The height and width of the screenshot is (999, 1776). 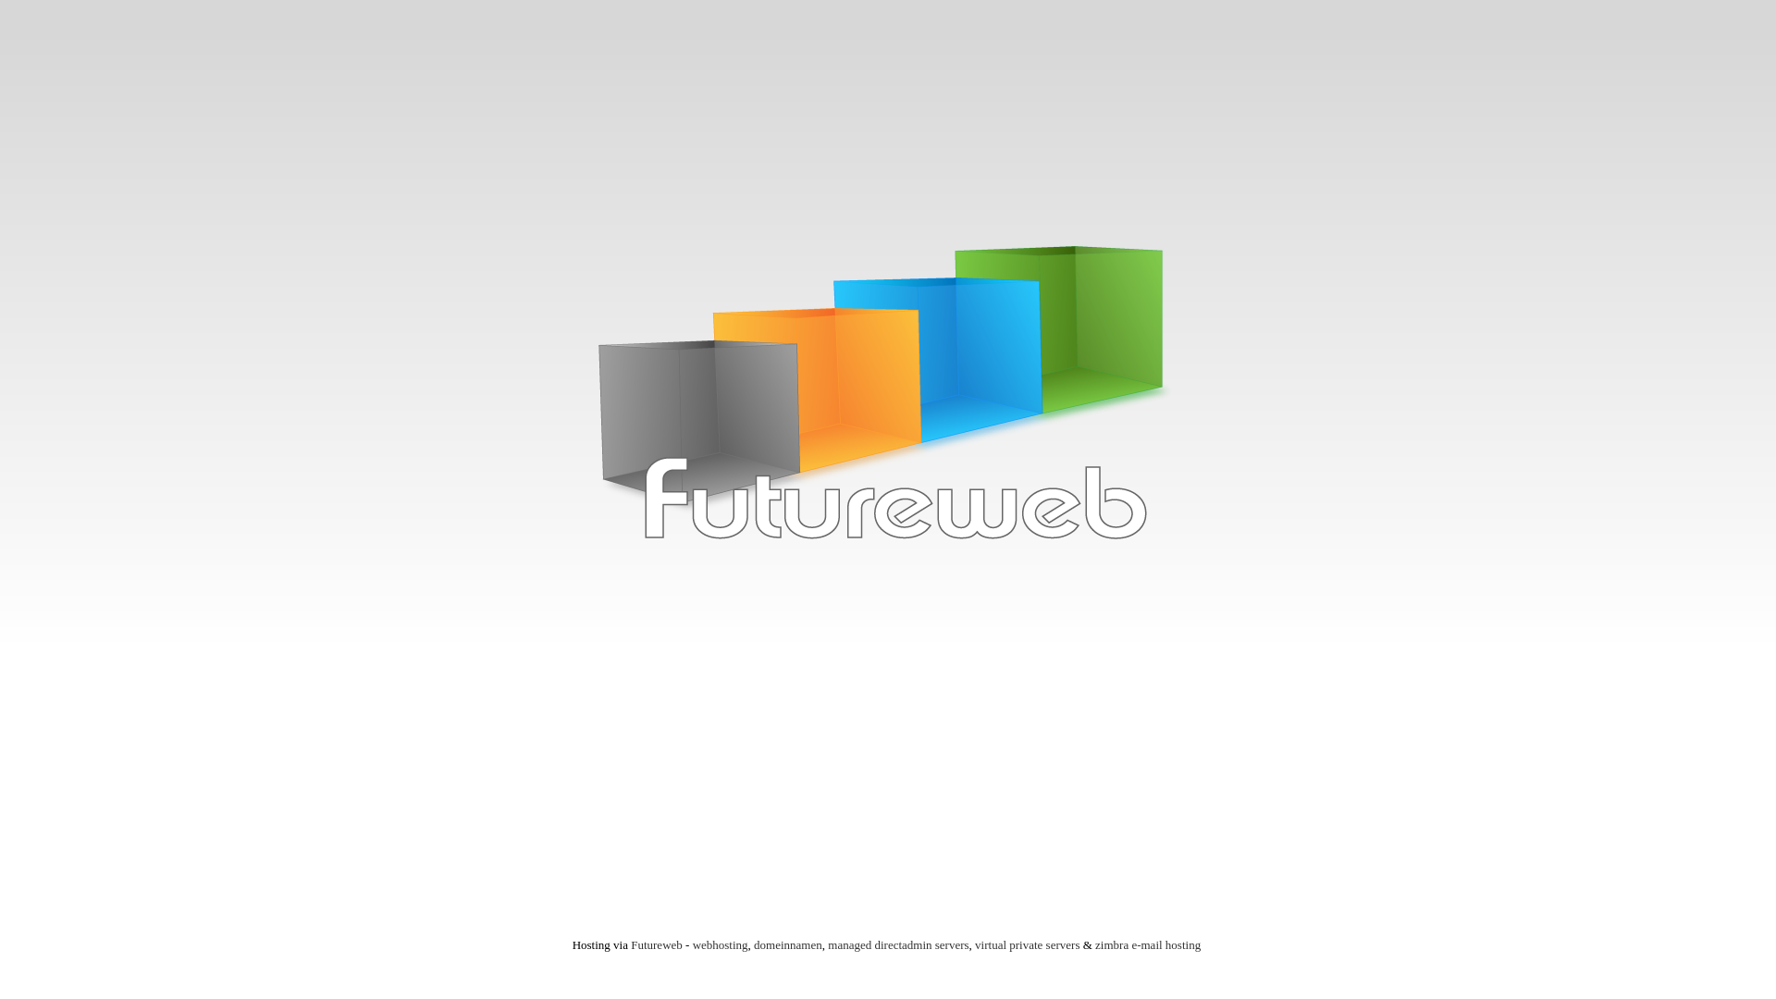 What do you see at coordinates (888, 399) in the screenshot?
I see `'Futureweb'` at bounding box center [888, 399].